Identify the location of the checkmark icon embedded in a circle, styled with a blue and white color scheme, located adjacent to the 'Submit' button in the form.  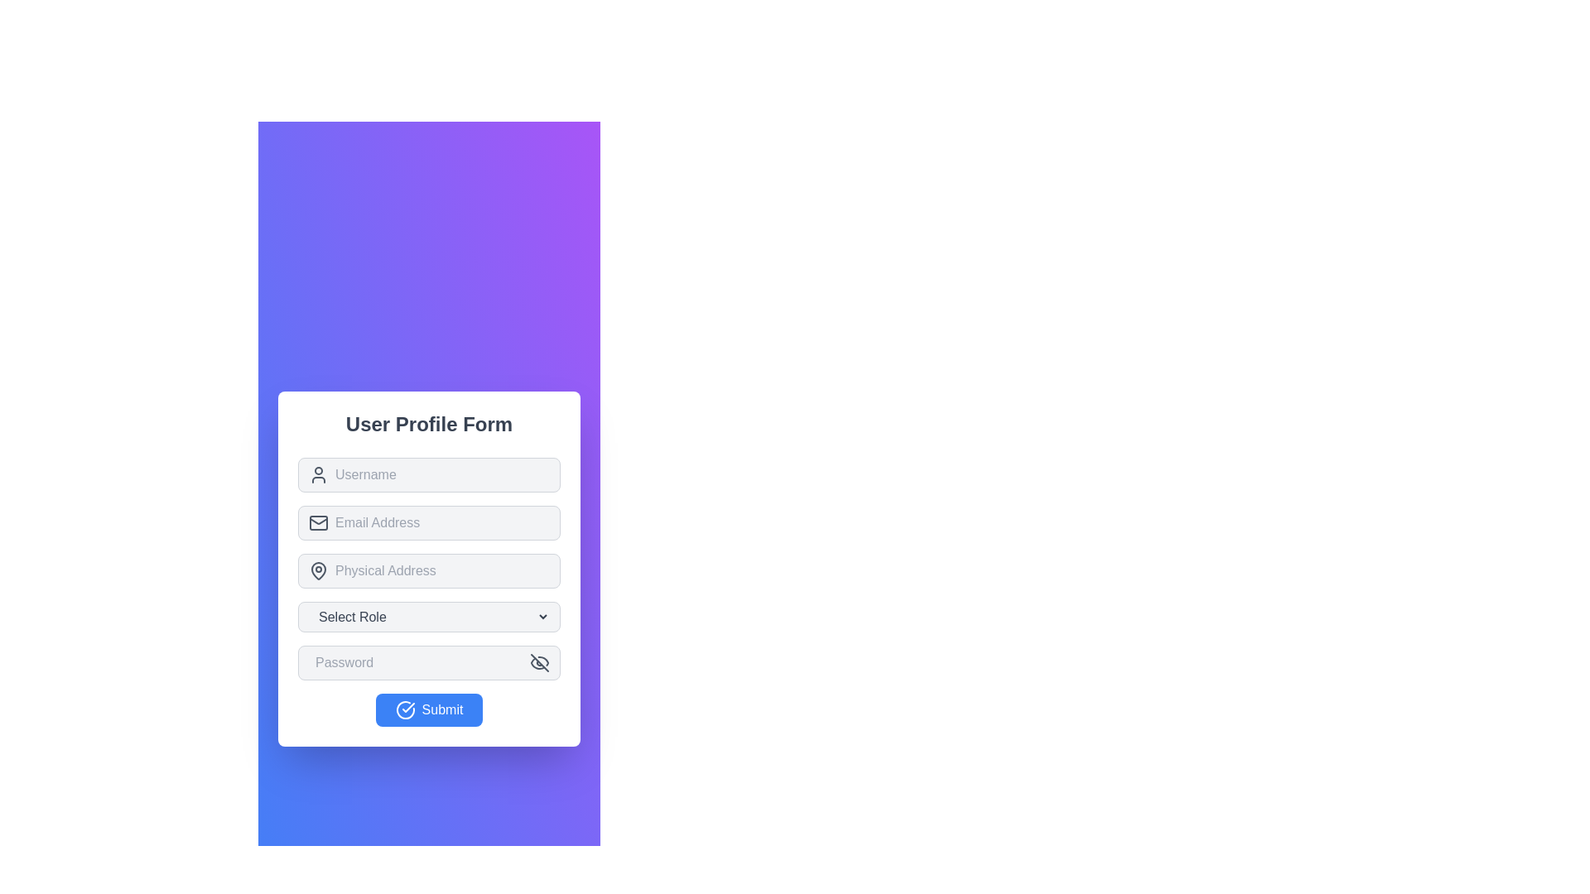
(408, 707).